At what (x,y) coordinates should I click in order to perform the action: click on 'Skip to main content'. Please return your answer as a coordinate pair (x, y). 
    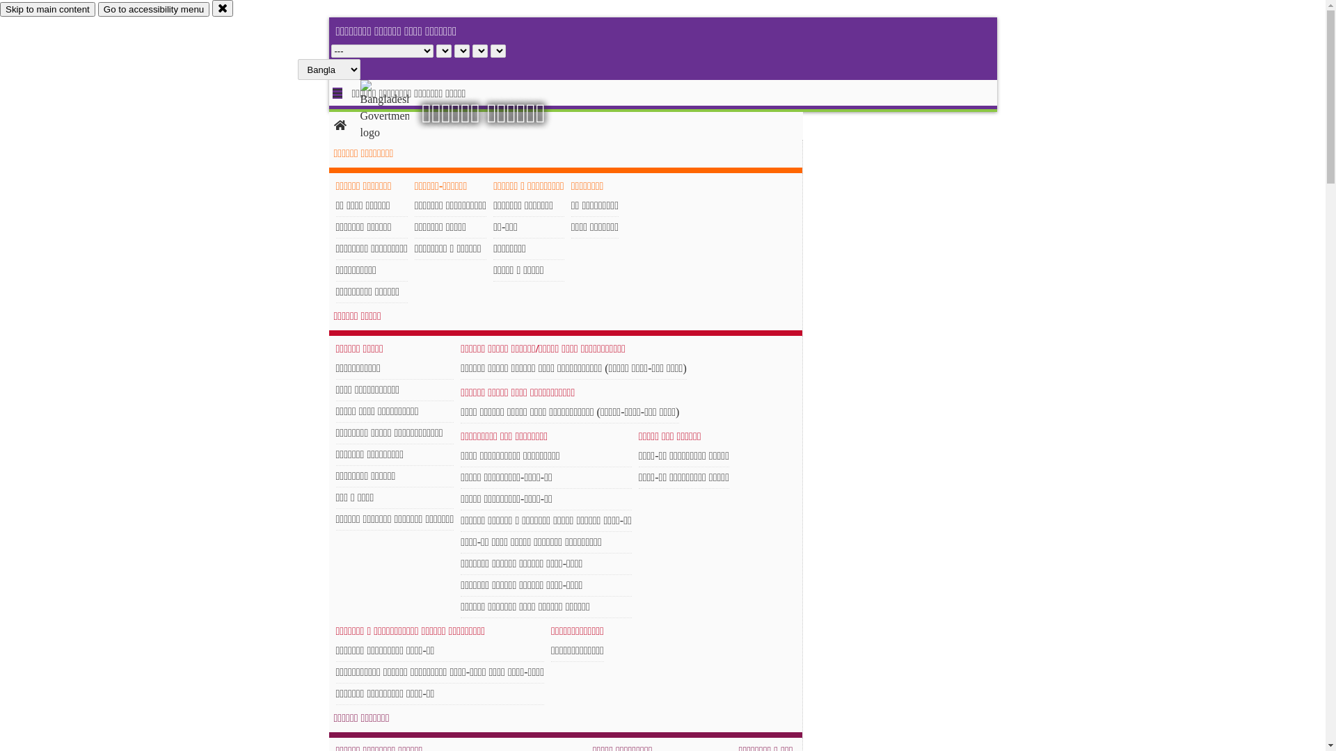
    Looking at the image, I should click on (47, 9).